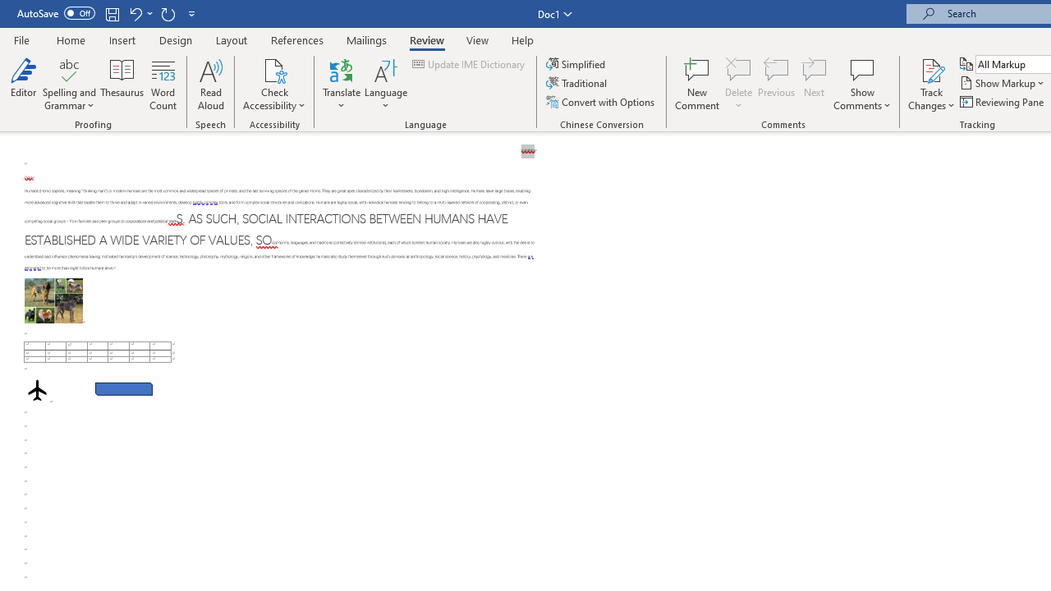 The height and width of the screenshot is (591, 1051). I want to click on 'New Comment', so click(697, 85).